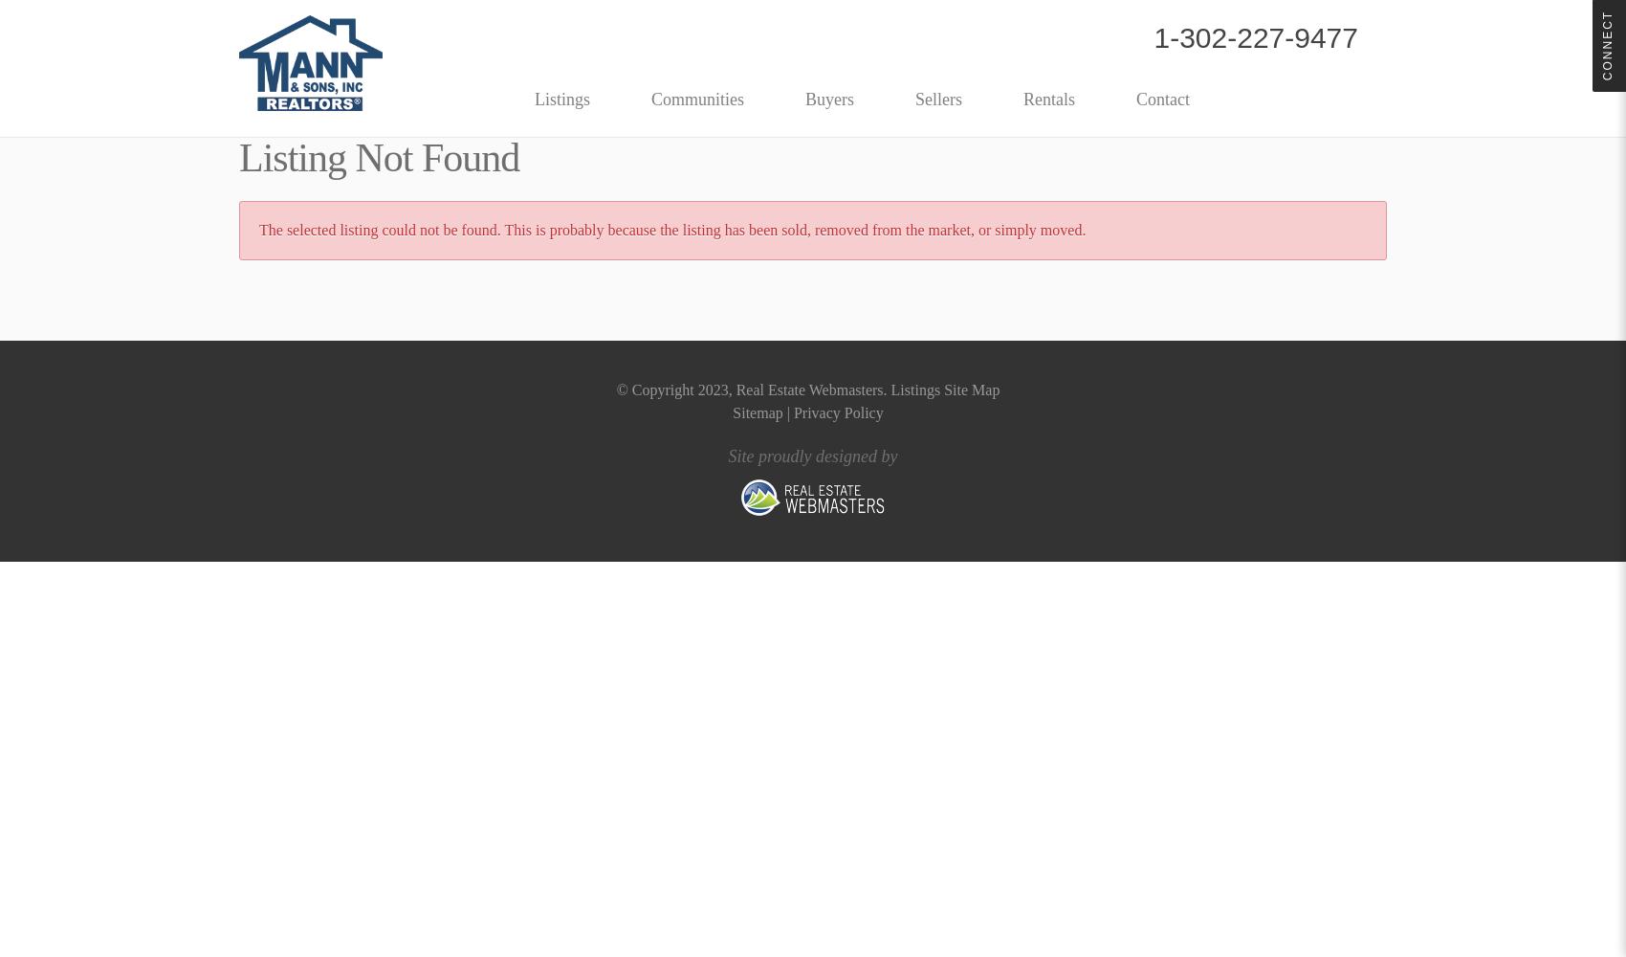  I want to click on 'Listings', so click(561, 99).